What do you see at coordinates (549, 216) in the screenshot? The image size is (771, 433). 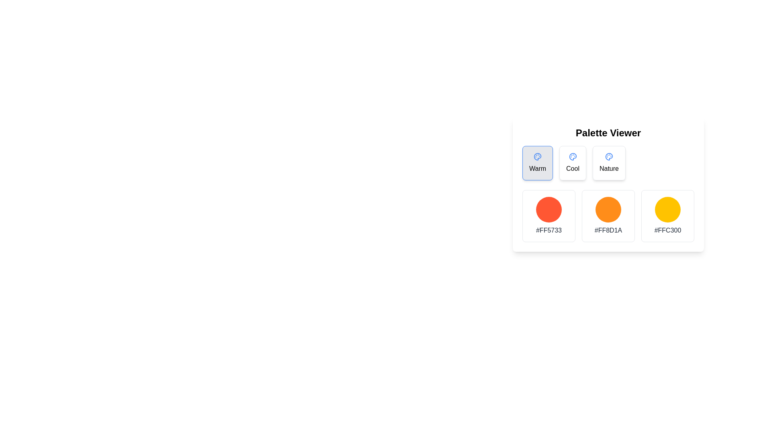 I see `the rounded orange circle color swatch displaying the color code '#FF5733', which is the first item in a horizontal grid of color samples` at bounding box center [549, 216].